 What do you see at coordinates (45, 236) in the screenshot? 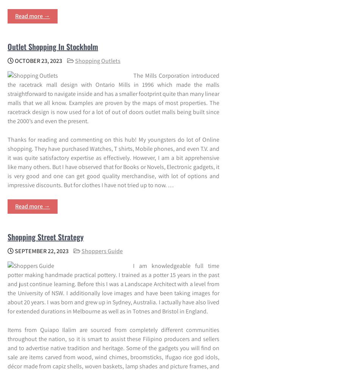
I see `'Shopping Street Strategy'` at bounding box center [45, 236].